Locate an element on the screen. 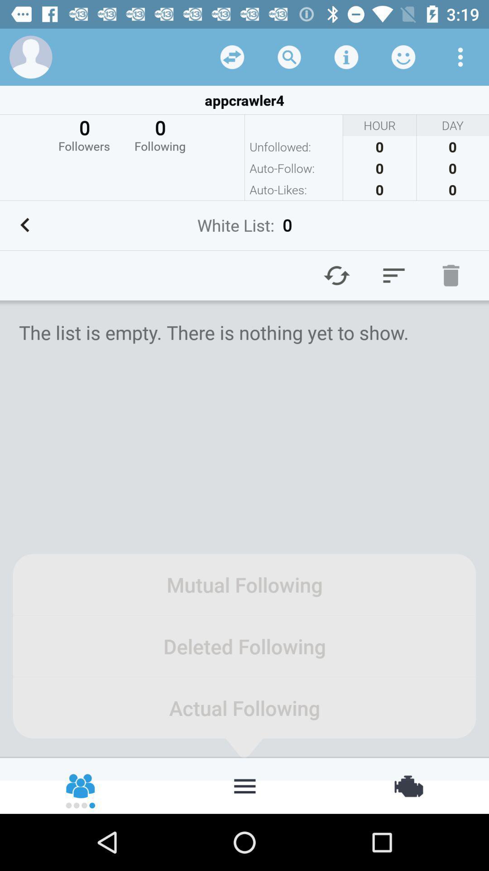 This screenshot has width=489, height=871. back to home is located at coordinates (244, 785).